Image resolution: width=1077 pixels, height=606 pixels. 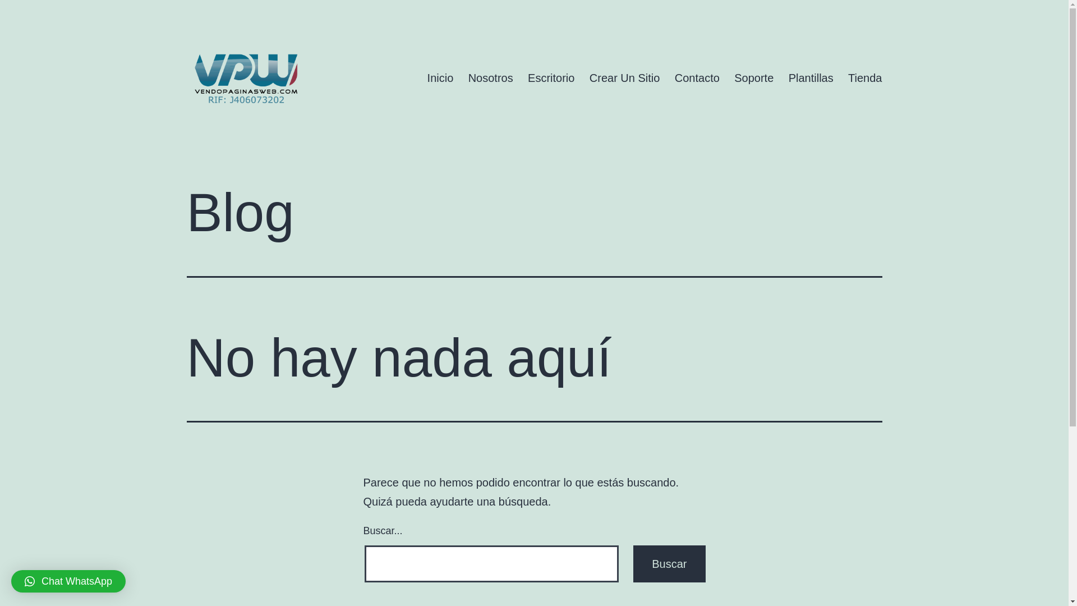 What do you see at coordinates (551, 77) in the screenshot?
I see `'Escritorio'` at bounding box center [551, 77].